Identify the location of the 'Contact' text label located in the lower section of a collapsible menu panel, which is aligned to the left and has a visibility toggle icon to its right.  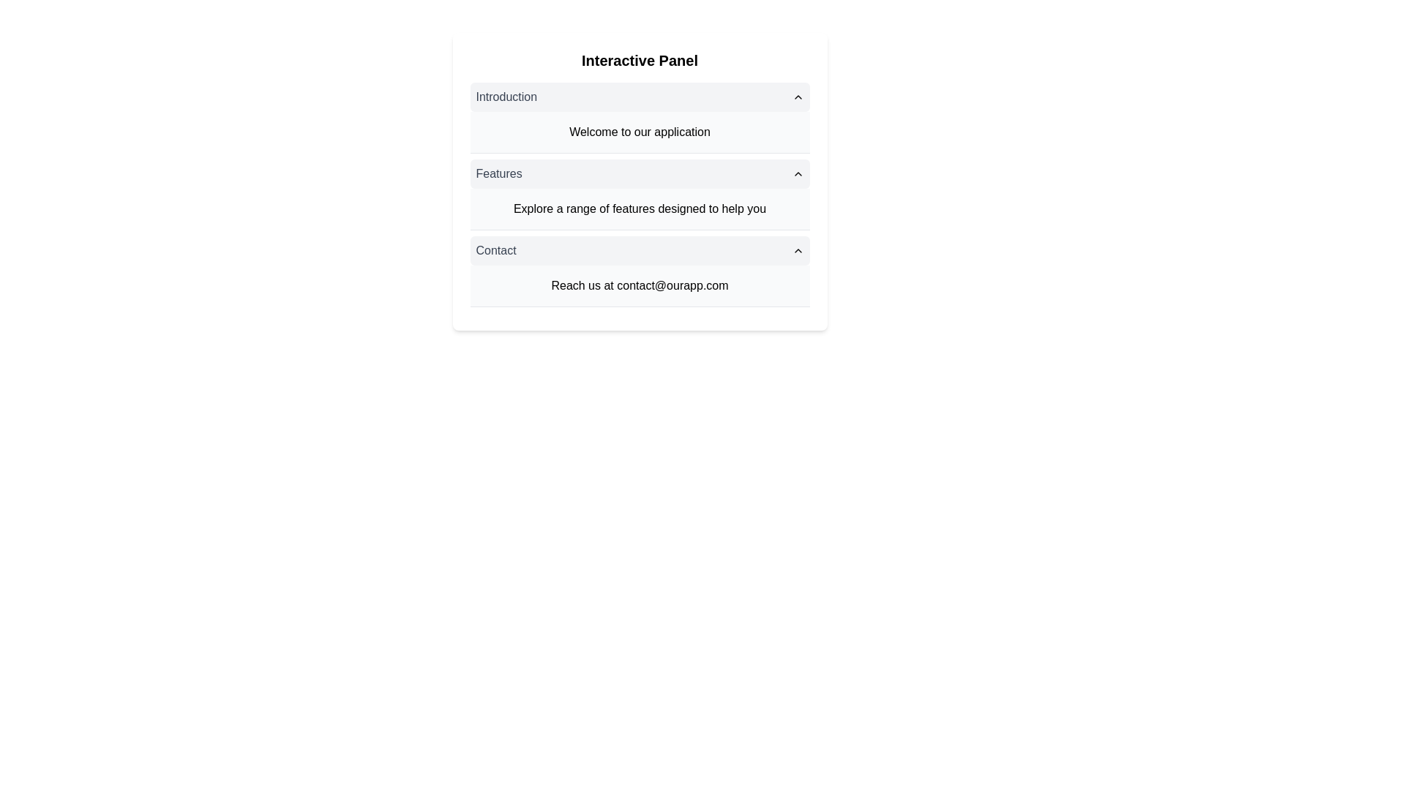
(496, 250).